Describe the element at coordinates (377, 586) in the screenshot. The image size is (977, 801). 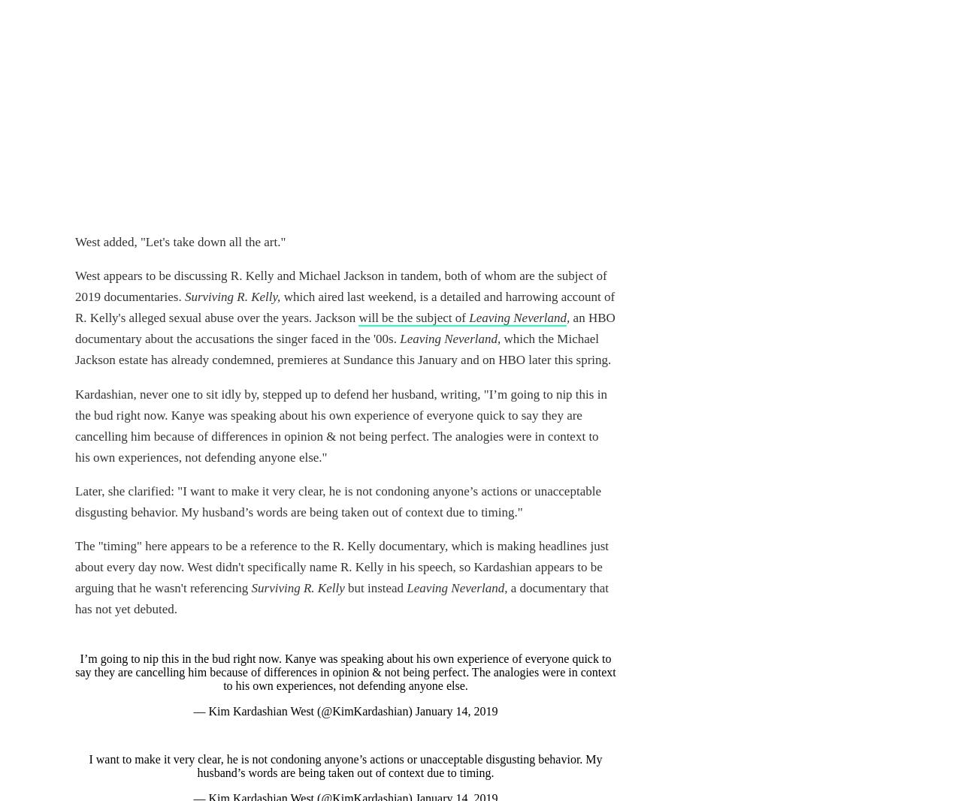
I see `'but instead'` at that location.